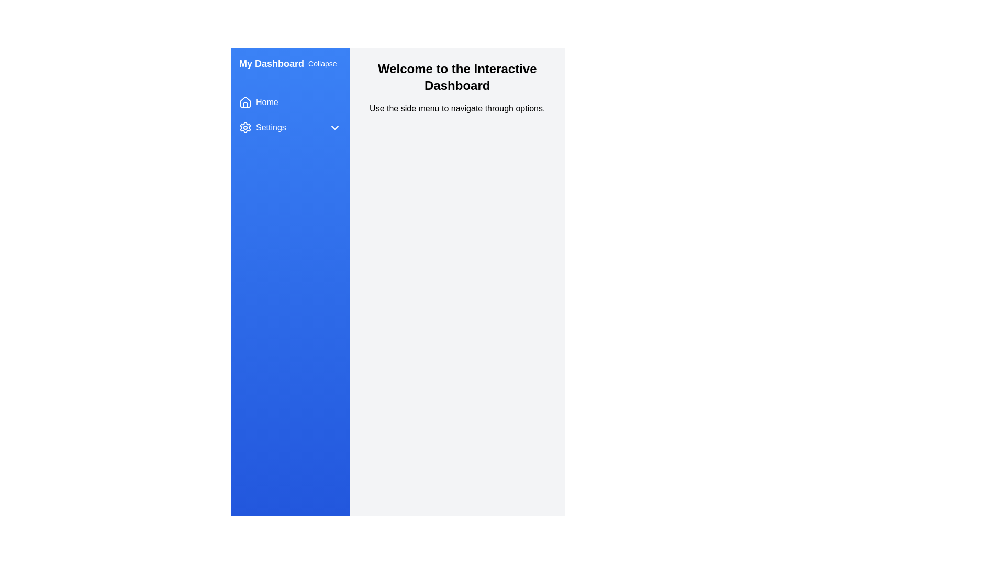  What do you see at coordinates (245, 103) in the screenshot?
I see `the 'Home' icon in the sidebar navigation, which is located near the top of the vertical menu to the left of the 'Home' text label` at bounding box center [245, 103].